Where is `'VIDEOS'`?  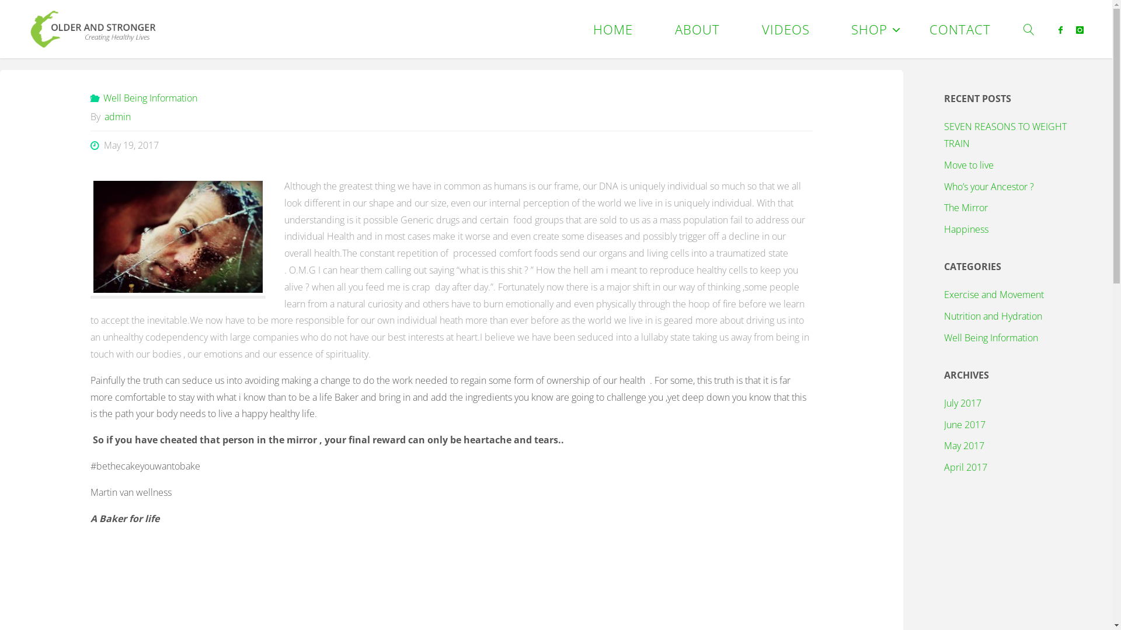
'VIDEOS' is located at coordinates (785, 29).